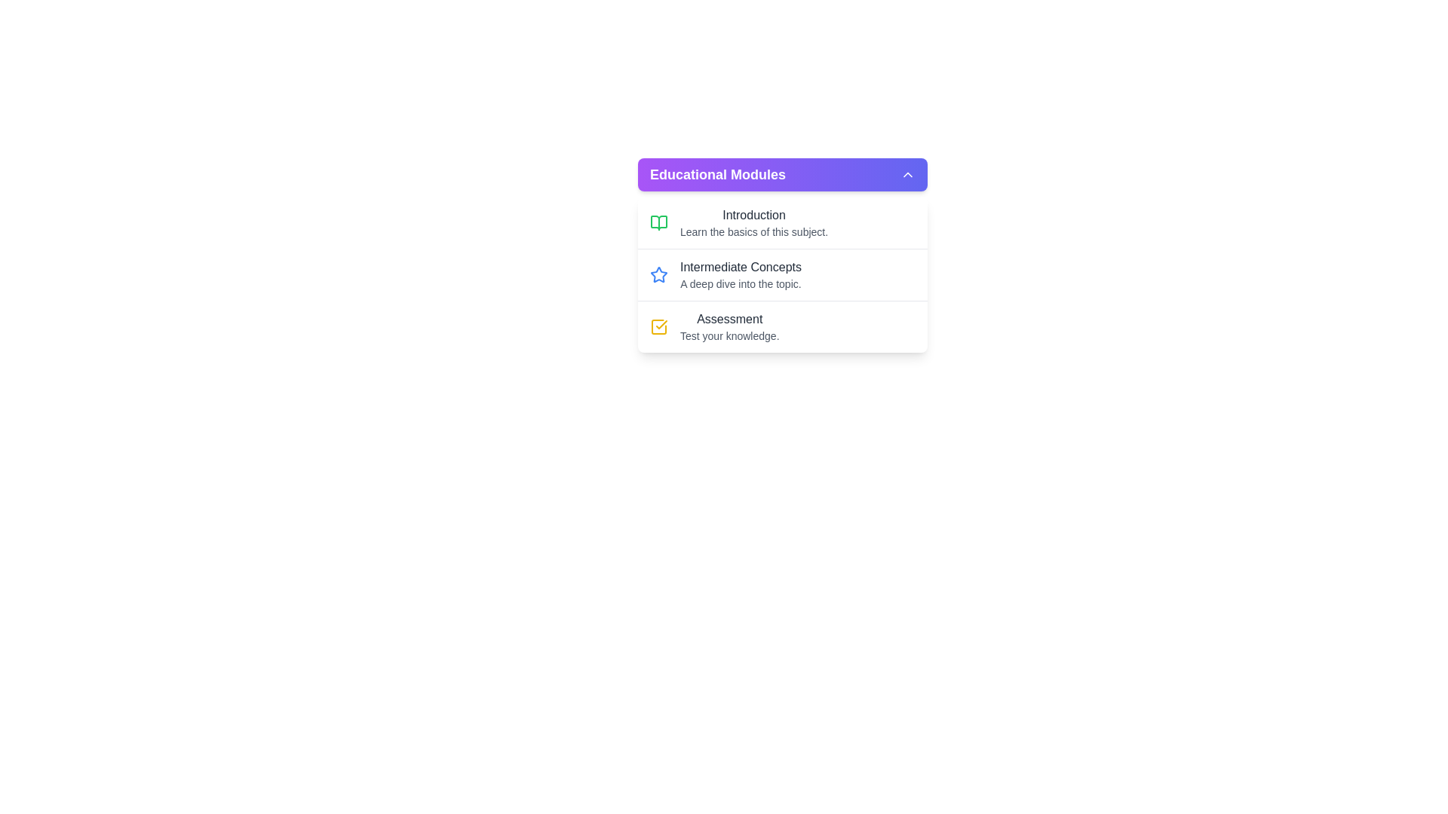 This screenshot has width=1448, height=814. I want to click on the text label element that contains the word 'Assessment', which is styled with a medium-weight font and gray color, located to the right of a checkbox icon and above the subtext 'Test your knowledge', so click(729, 319).